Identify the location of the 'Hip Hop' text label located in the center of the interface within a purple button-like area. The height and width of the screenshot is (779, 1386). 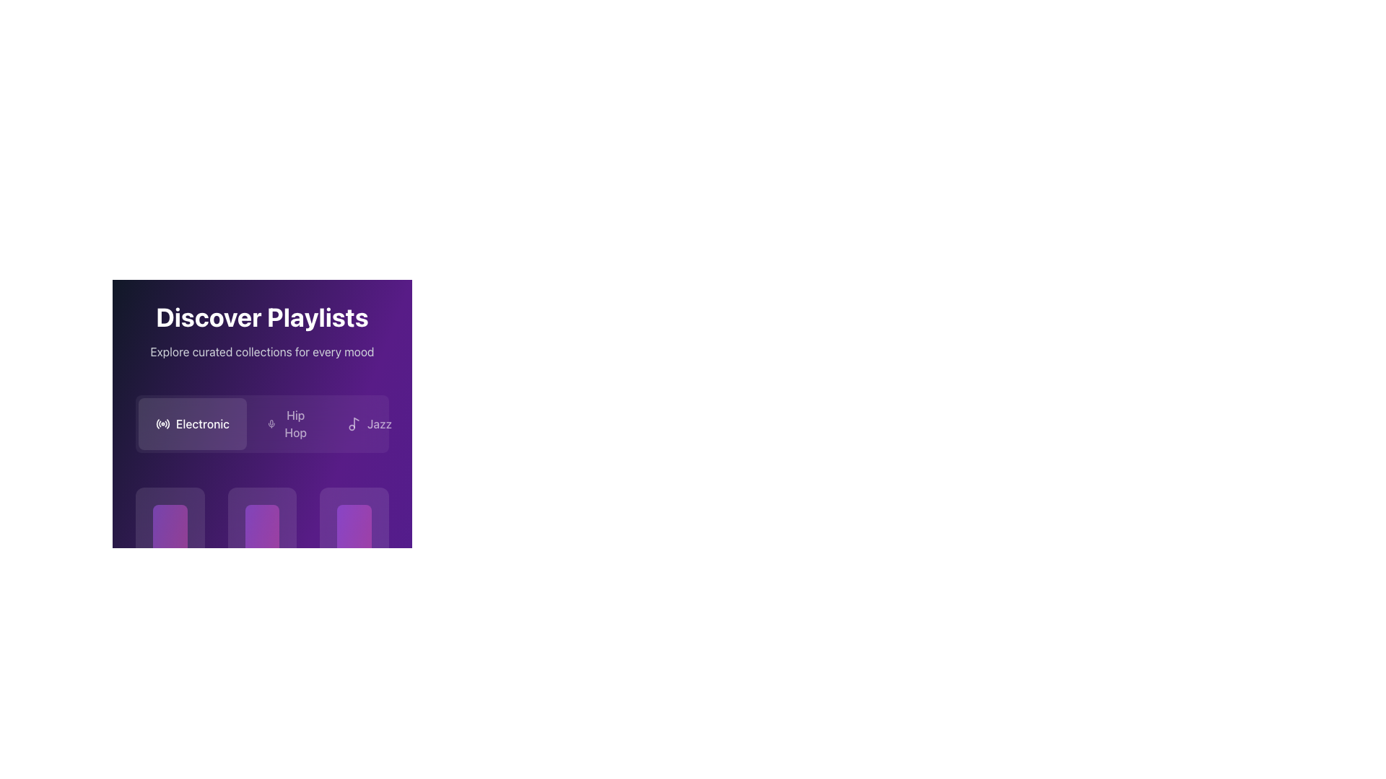
(295, 423).